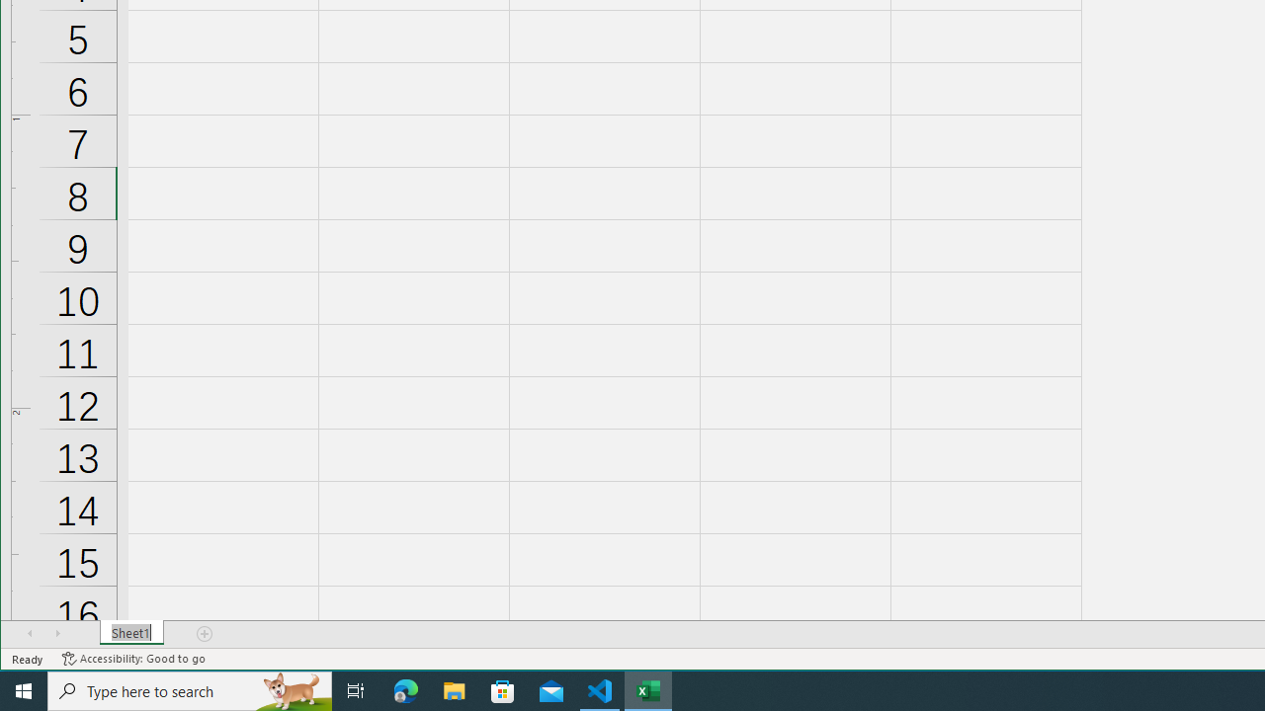 The image size is (1265, 711). Describe the element at coordinates (599, 689) in the screenshot. I see `'Visual Studio Code - 1 running window'` at that location.